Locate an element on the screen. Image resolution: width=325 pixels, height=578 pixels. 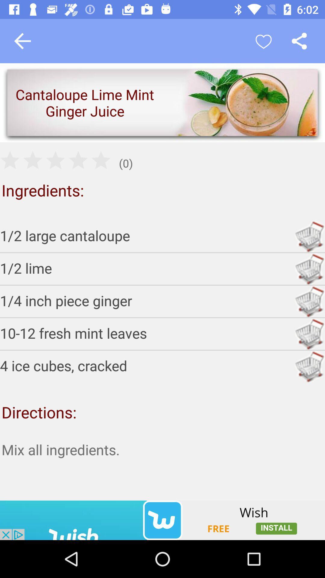
share recipe is located at coordinates (299, 41).